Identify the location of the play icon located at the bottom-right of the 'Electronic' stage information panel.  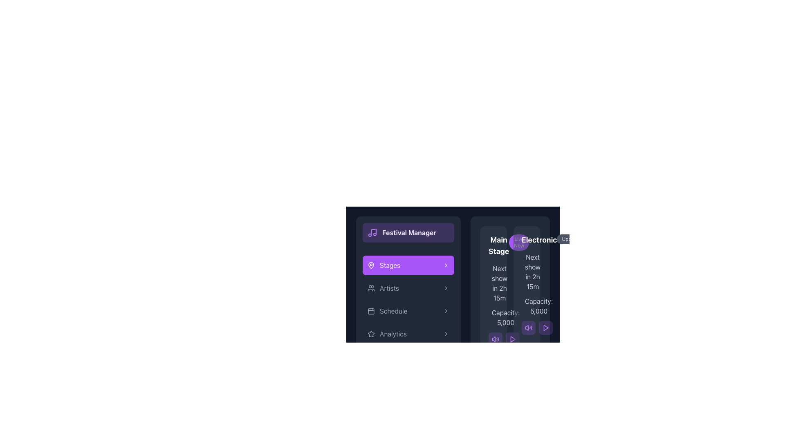
(512, 339).